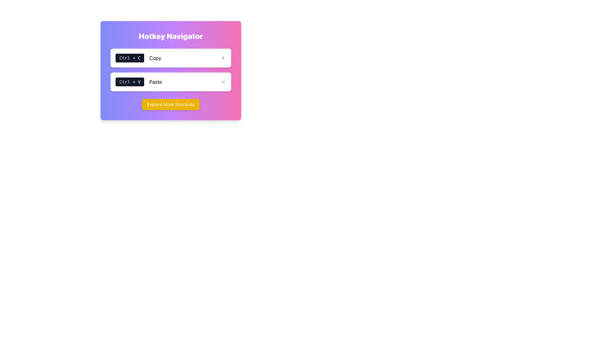 The width and height of the screenshot is (603, 339). What do you see at coordinates (155, 82) in the screenshot?
I see `the 'Paste' text label, which is styled in black text on a white background and is part of the keyboard shortcuts list` at bounding box center [155, 82].